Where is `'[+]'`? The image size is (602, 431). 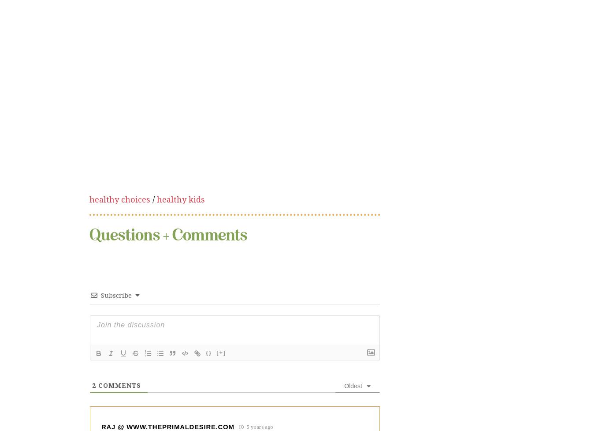
'[+]' is located at coordinates (221, 279).